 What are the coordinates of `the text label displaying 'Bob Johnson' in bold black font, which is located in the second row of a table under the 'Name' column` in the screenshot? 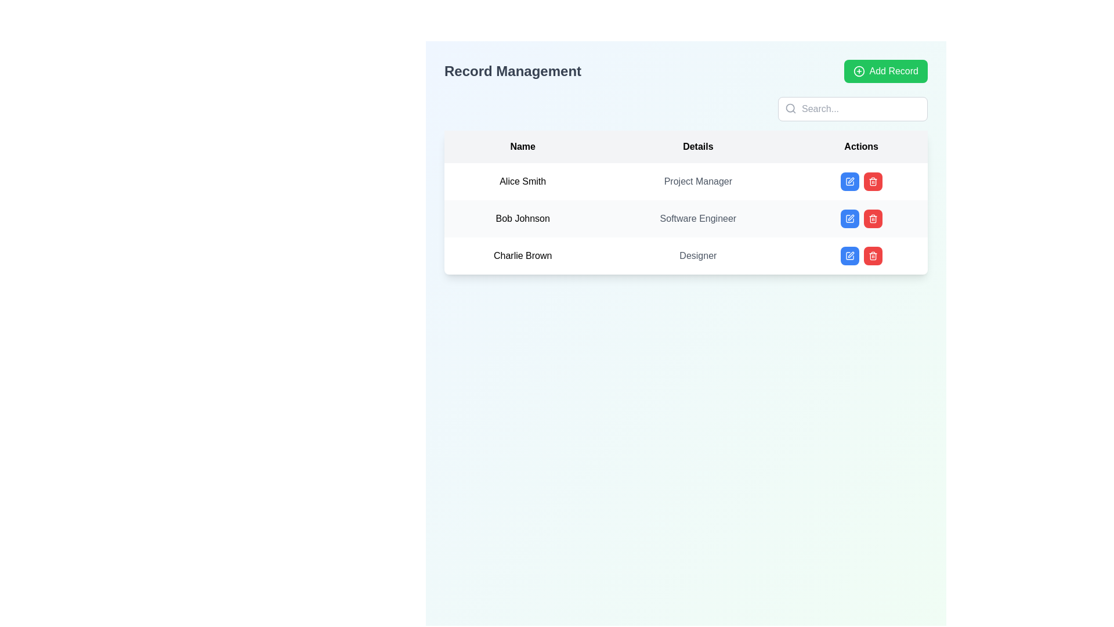 It's located at (522, 219).